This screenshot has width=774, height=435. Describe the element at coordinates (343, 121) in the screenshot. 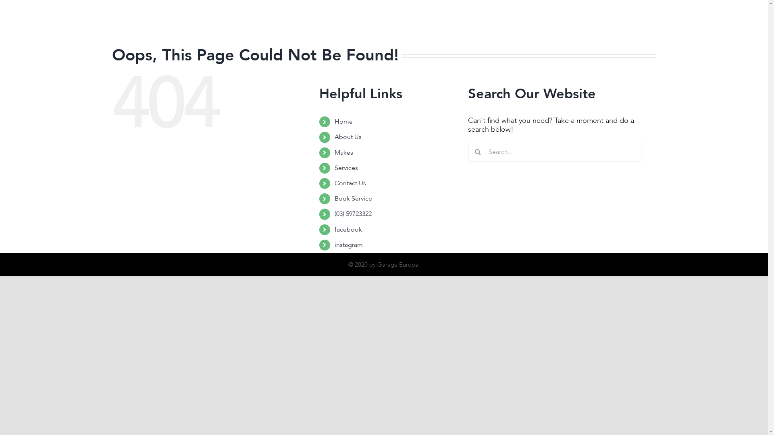

I see `'Home'` at that location.